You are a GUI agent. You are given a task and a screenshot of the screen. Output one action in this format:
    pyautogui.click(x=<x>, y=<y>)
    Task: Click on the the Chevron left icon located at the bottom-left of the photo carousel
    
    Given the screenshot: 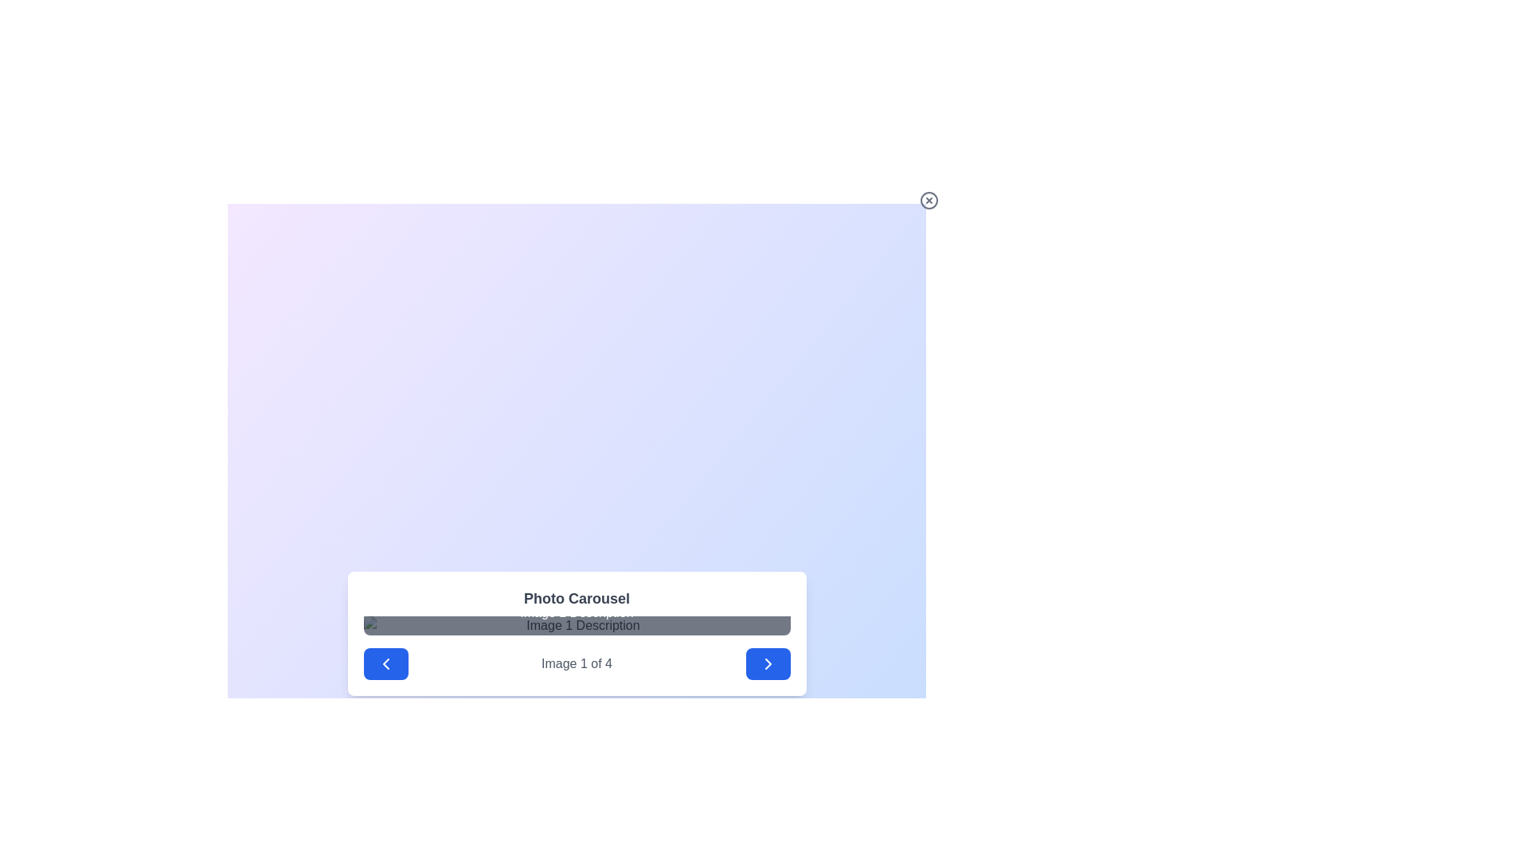 What is the action you would take?
    pyautogui.click(x=385, y=663)
    